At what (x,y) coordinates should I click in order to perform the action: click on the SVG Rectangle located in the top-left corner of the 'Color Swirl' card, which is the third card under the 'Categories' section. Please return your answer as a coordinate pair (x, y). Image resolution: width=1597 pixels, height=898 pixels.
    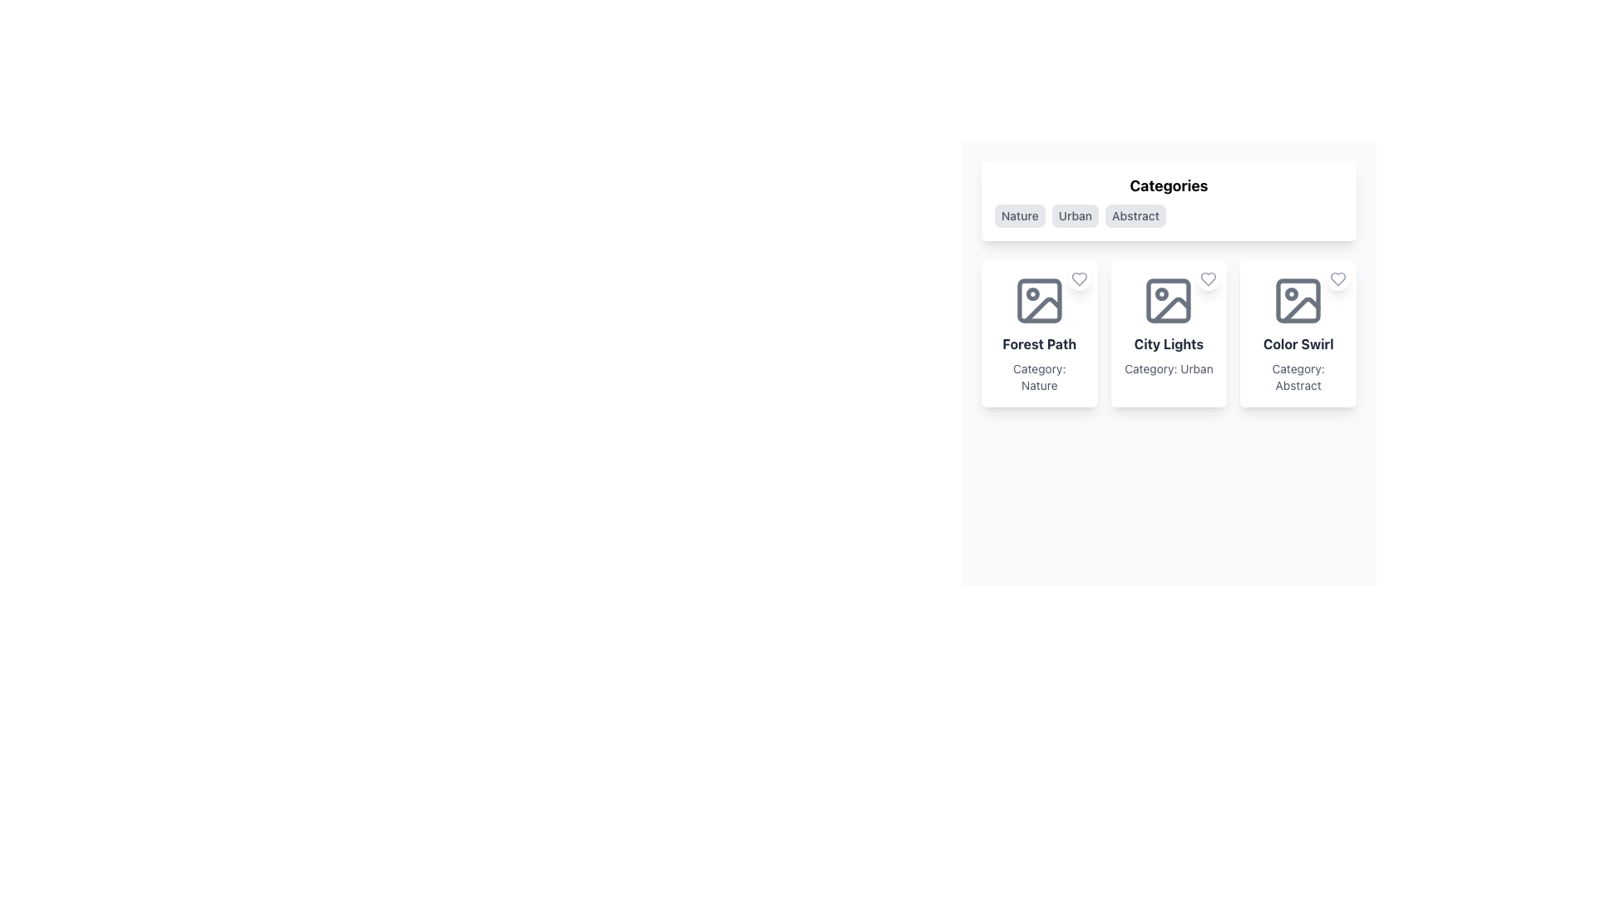
    Looking at the image, I should click on (1298, 301).